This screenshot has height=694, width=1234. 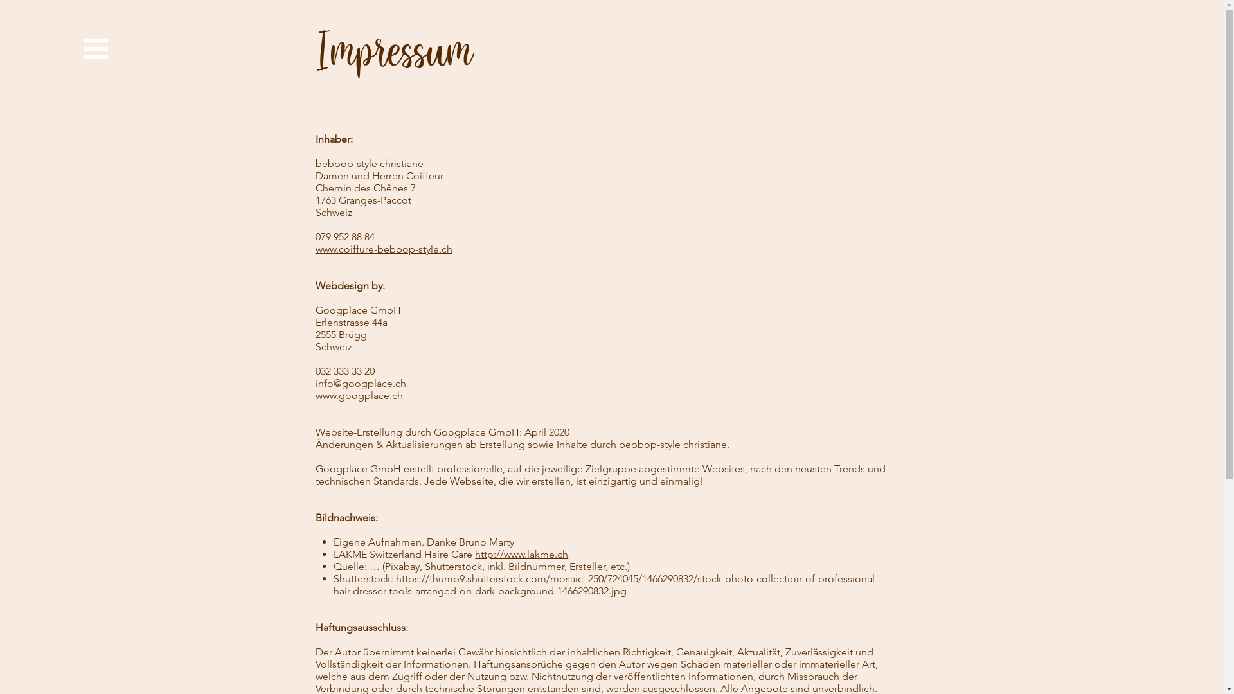 What do you see at coordinates (314, 395) in the screenshot?
I see `'www.googplace.ch'` at bounding box center [314, 395].